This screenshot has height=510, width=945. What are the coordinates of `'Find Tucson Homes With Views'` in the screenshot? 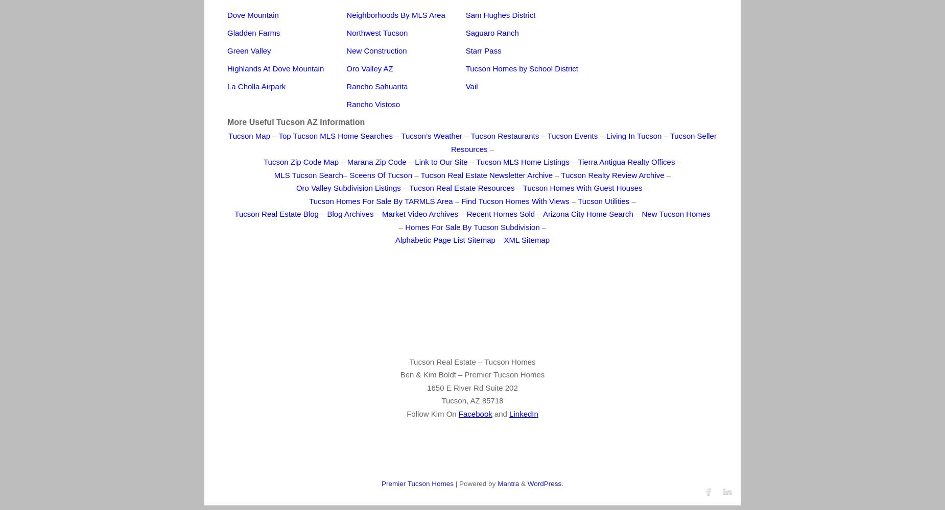 It's located at (514, 200).